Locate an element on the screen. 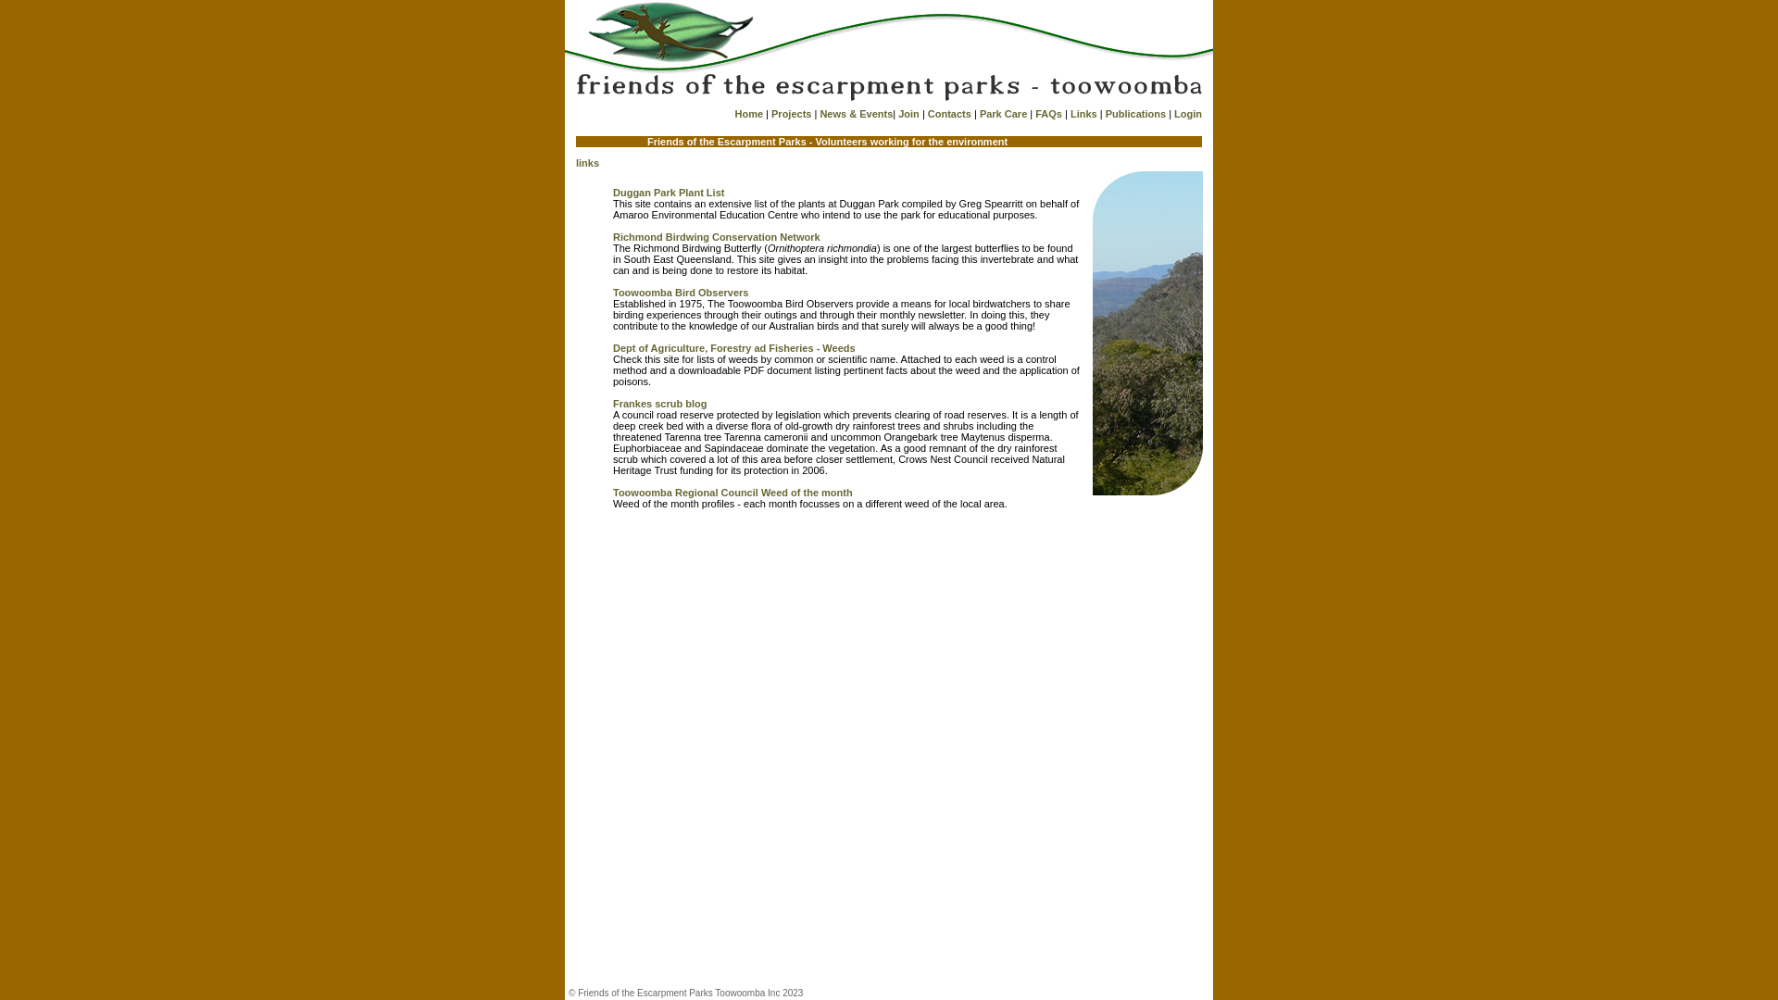 The width and height of the screenshot is (1778, 1000). 'Park Care' is located at coordinates (1002, 113).